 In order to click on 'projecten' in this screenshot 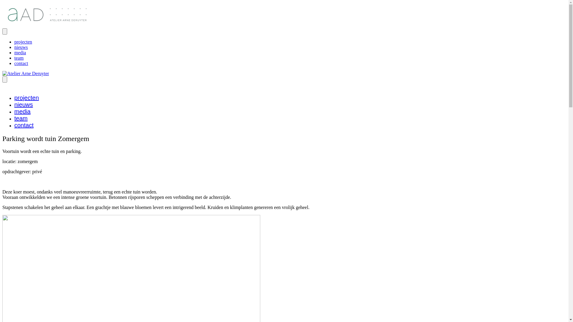, I will do `click(14, 41)`.